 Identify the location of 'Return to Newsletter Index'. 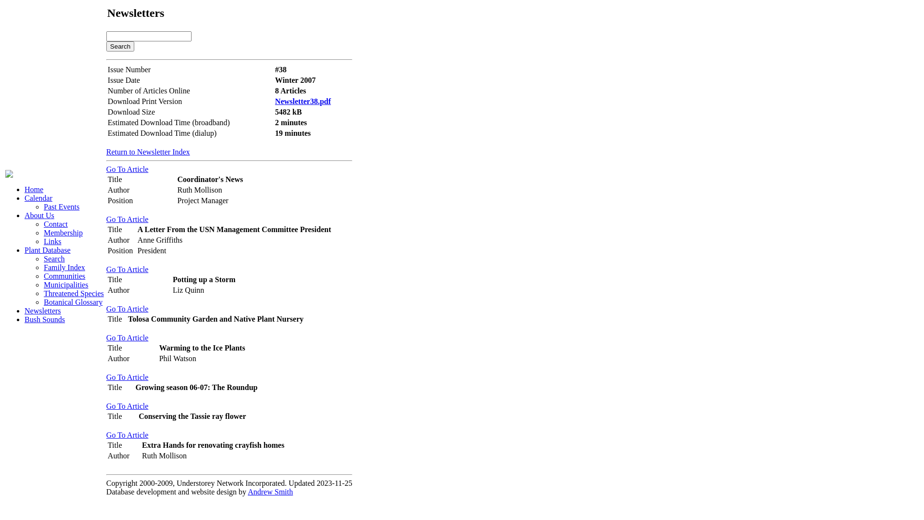
(106, 152).